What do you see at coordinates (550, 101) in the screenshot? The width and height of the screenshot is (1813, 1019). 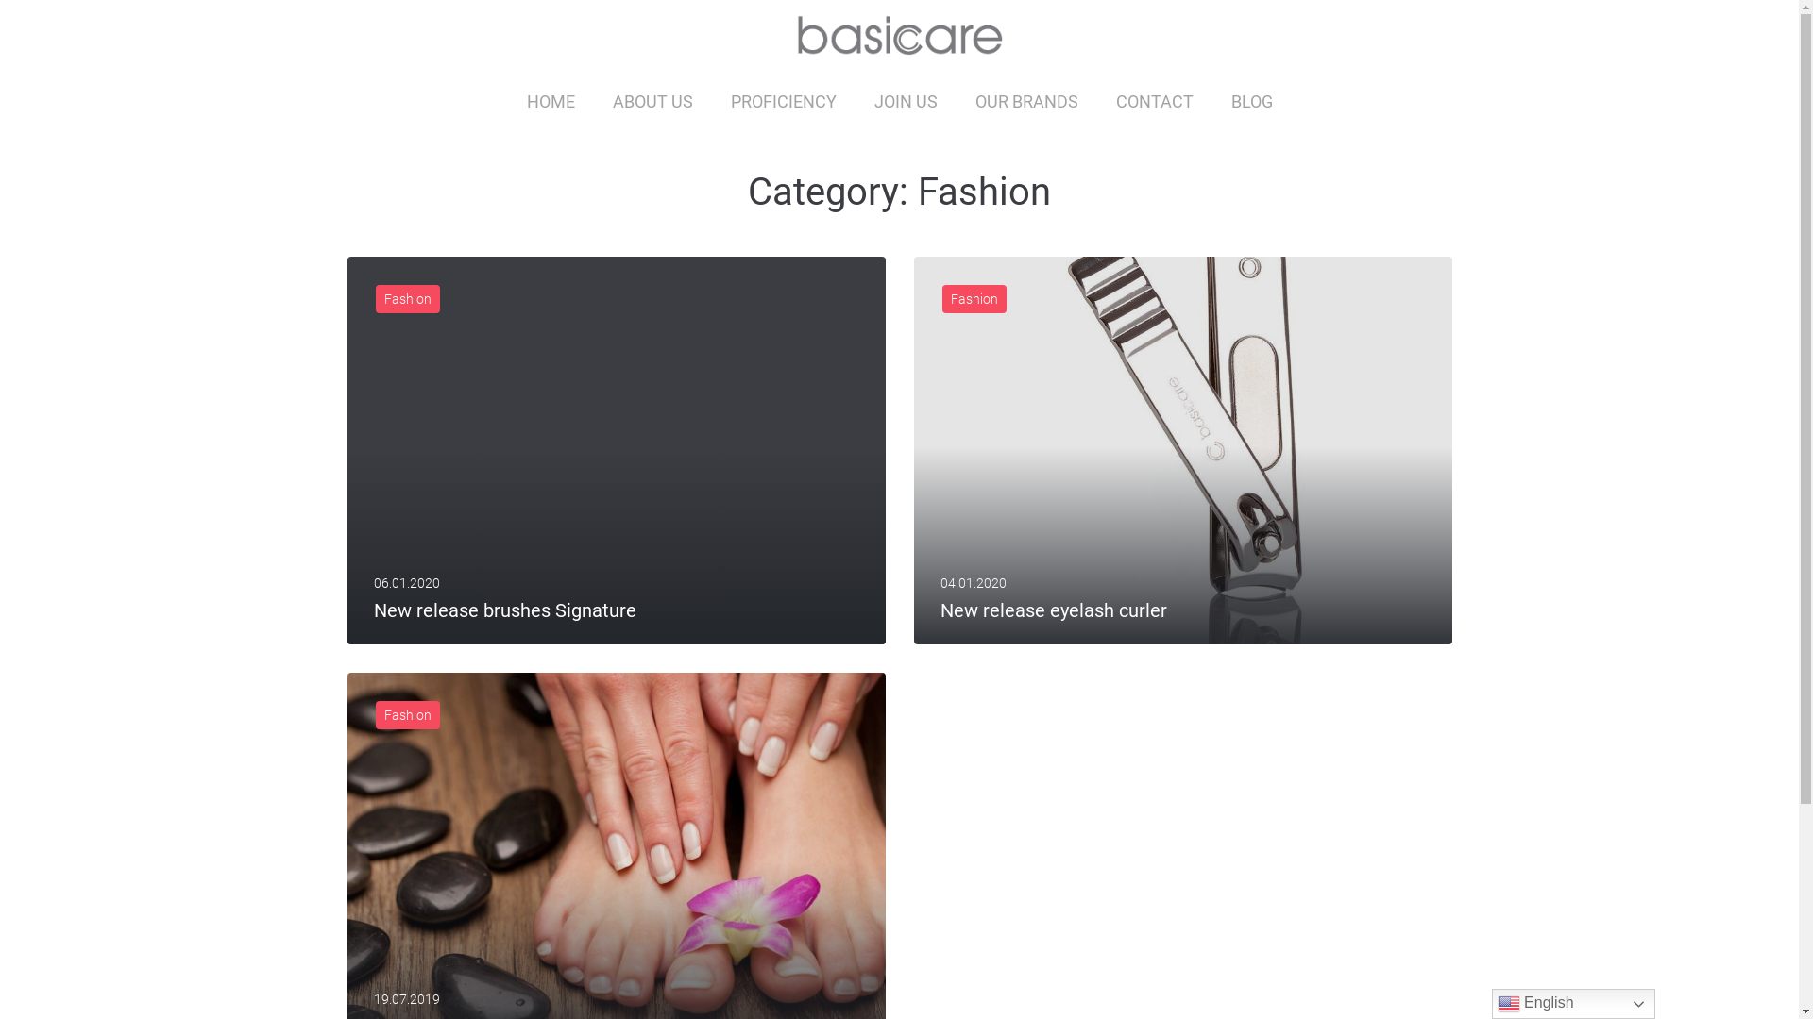 I see `'HOME'` at bounding box center [550, 101].